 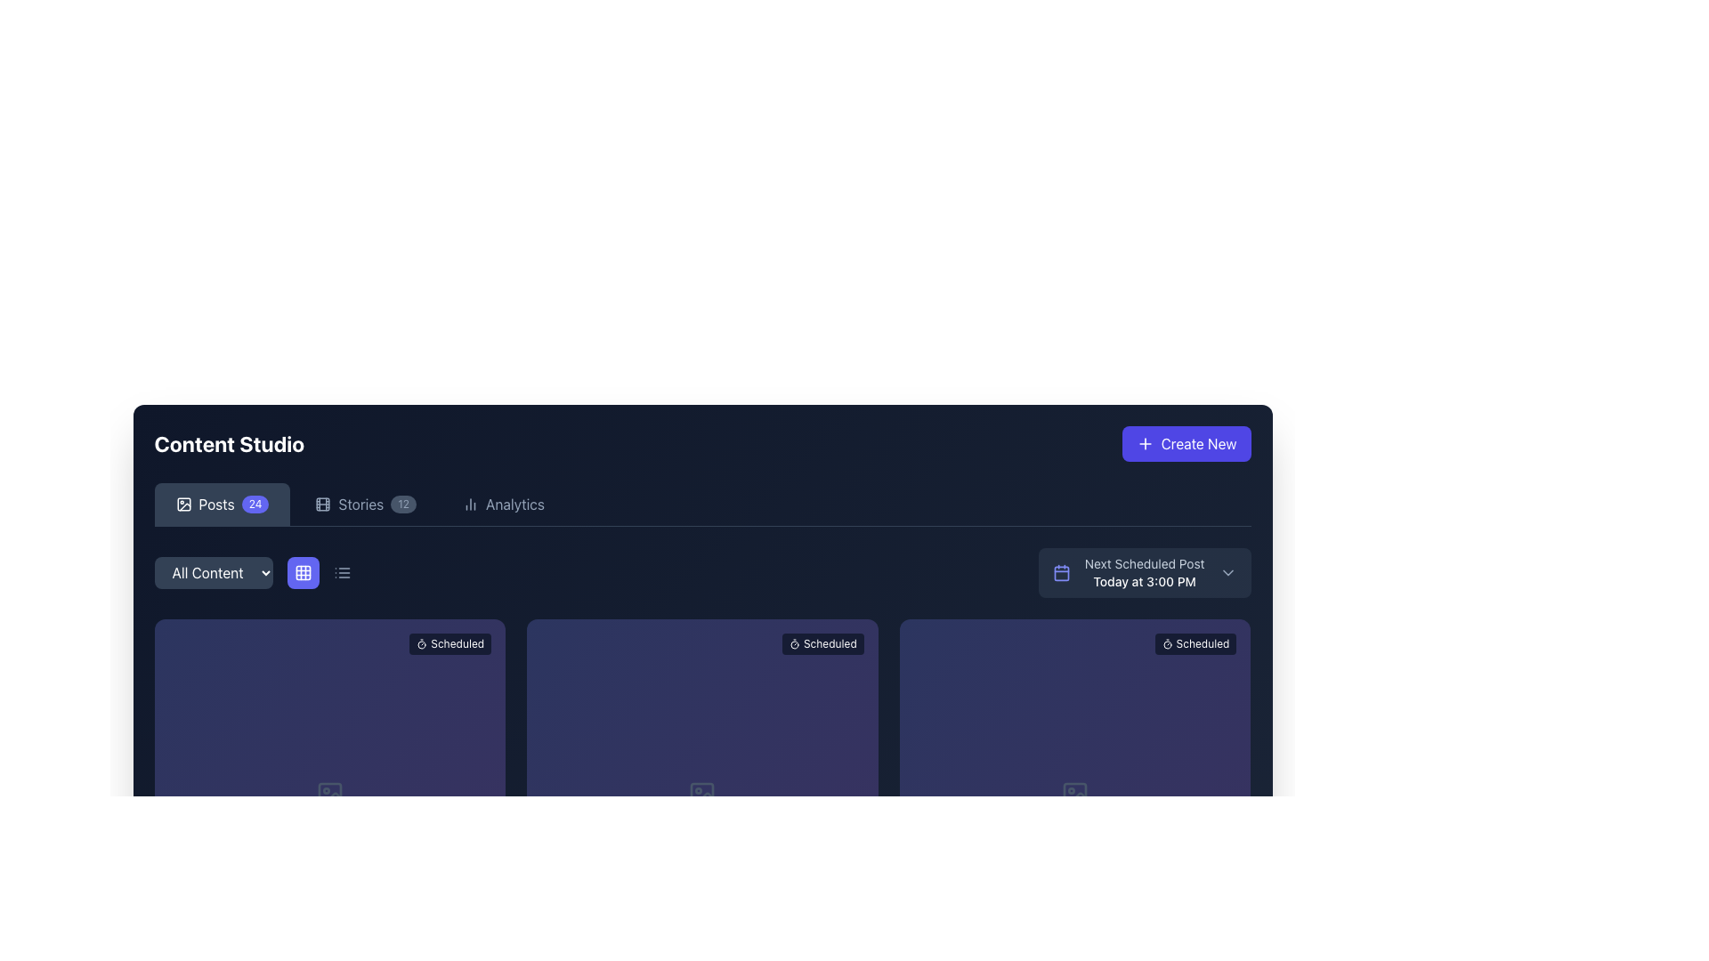 I want to click on the list view toggle button, which is a small icon with three horizontal lines and circles to the left, located in the top navigation section of the interface, so click(x=342, y=573).